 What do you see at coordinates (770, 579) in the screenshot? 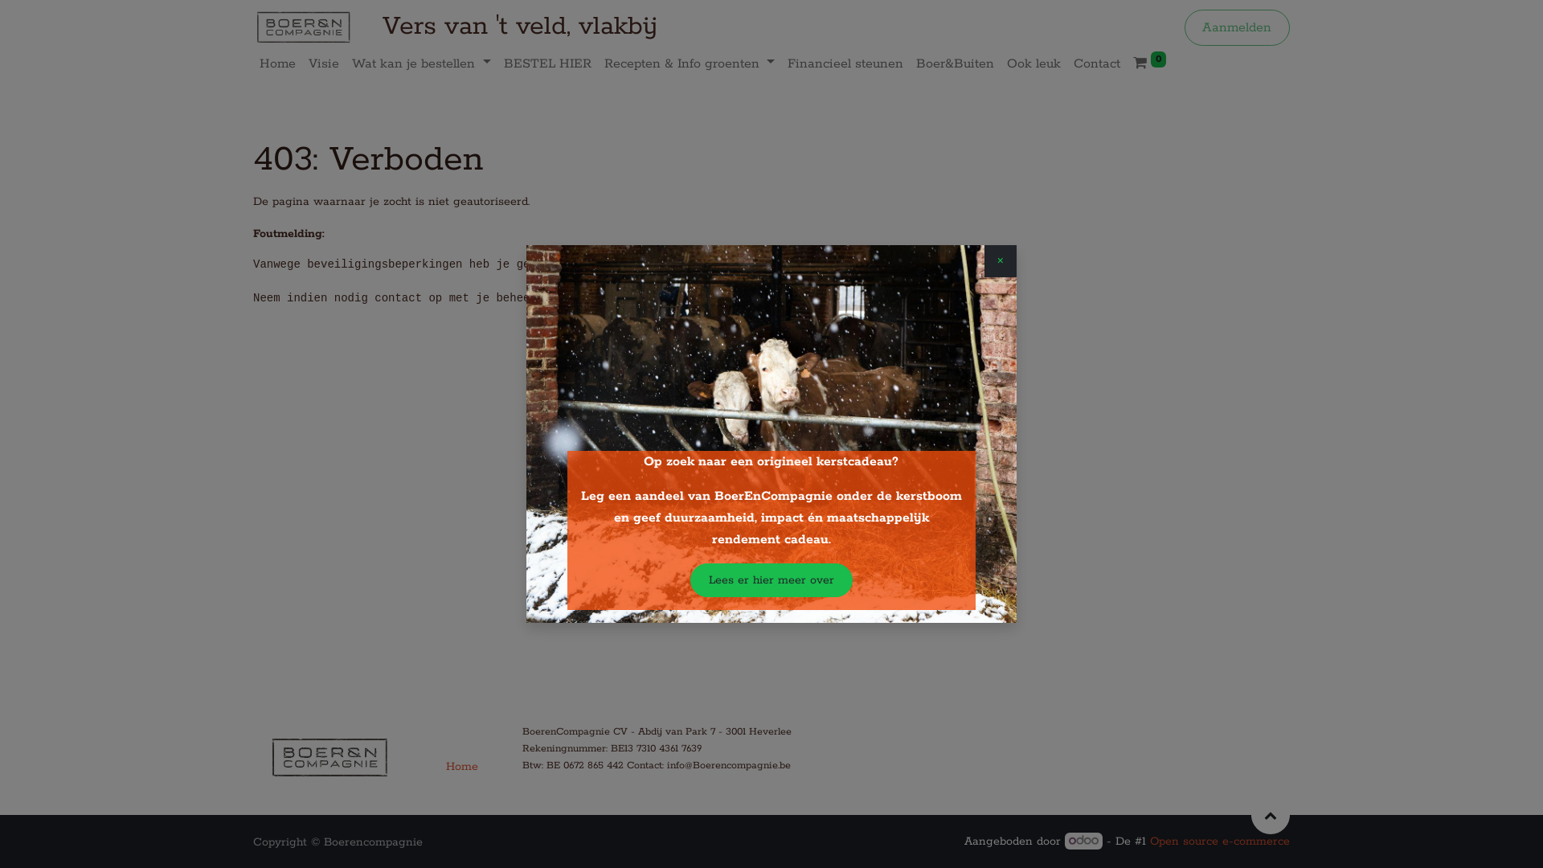
I see `'Lees er hier meer over'` at bounding box center [770, 579].